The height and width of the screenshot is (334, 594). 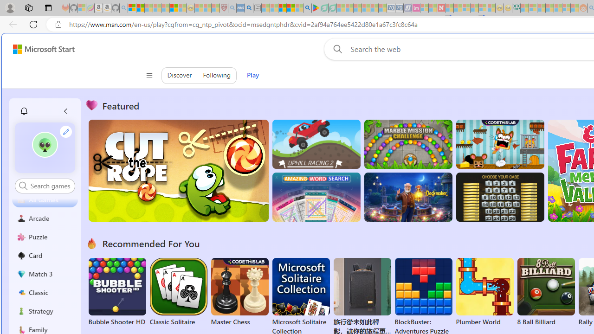 What do you see at coordinates (408, 144) in the screenshot?
I see `'Marble Mission : Challenge'` at bounding box center [408, 144].